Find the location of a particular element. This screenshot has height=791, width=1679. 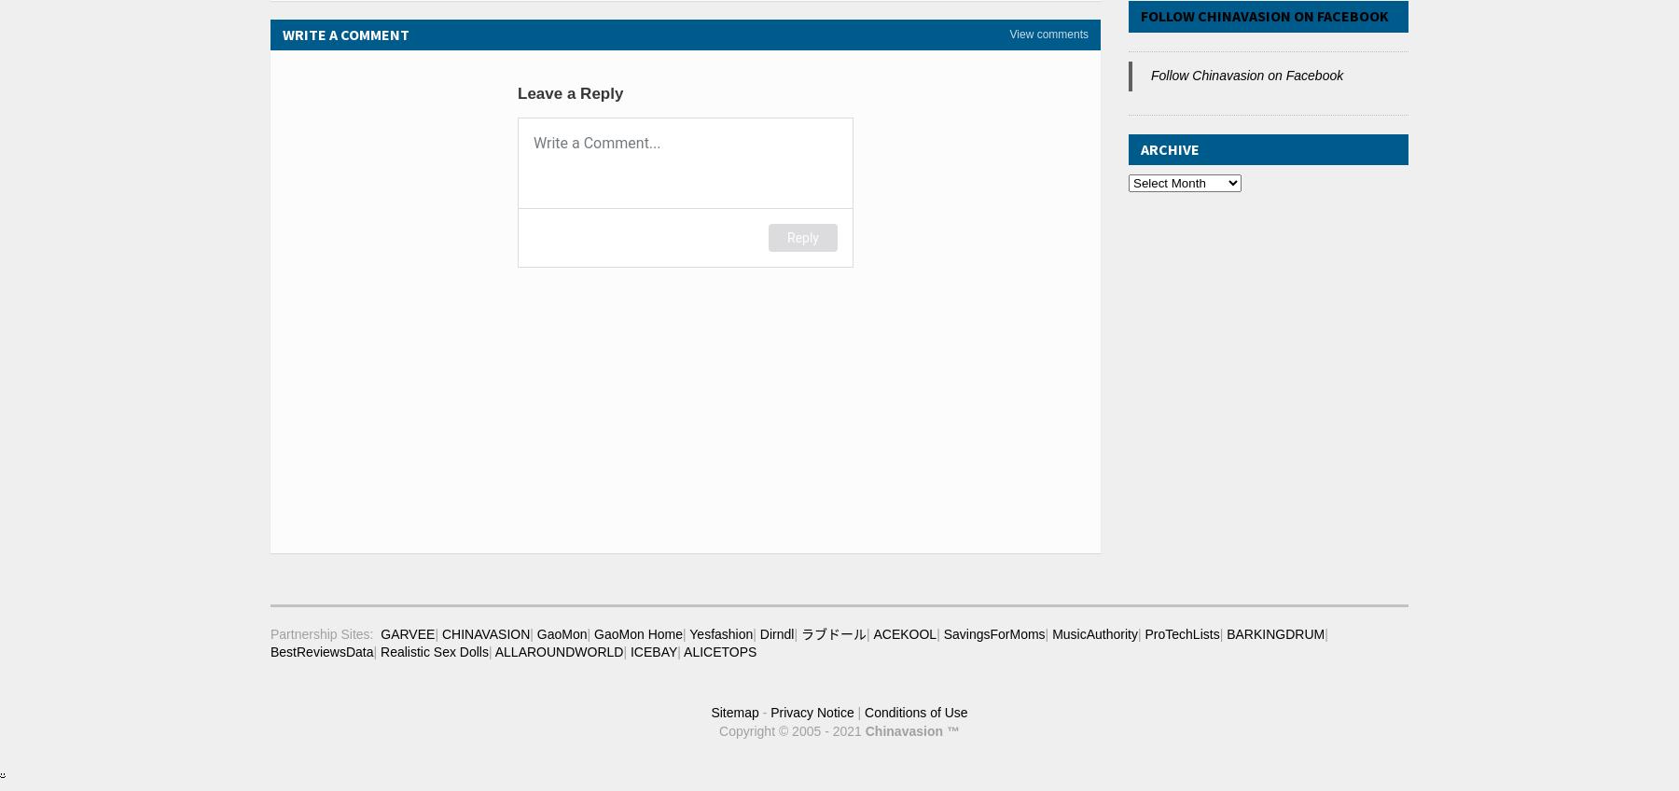

'GaoMon' is located at coordinates (561, 631).